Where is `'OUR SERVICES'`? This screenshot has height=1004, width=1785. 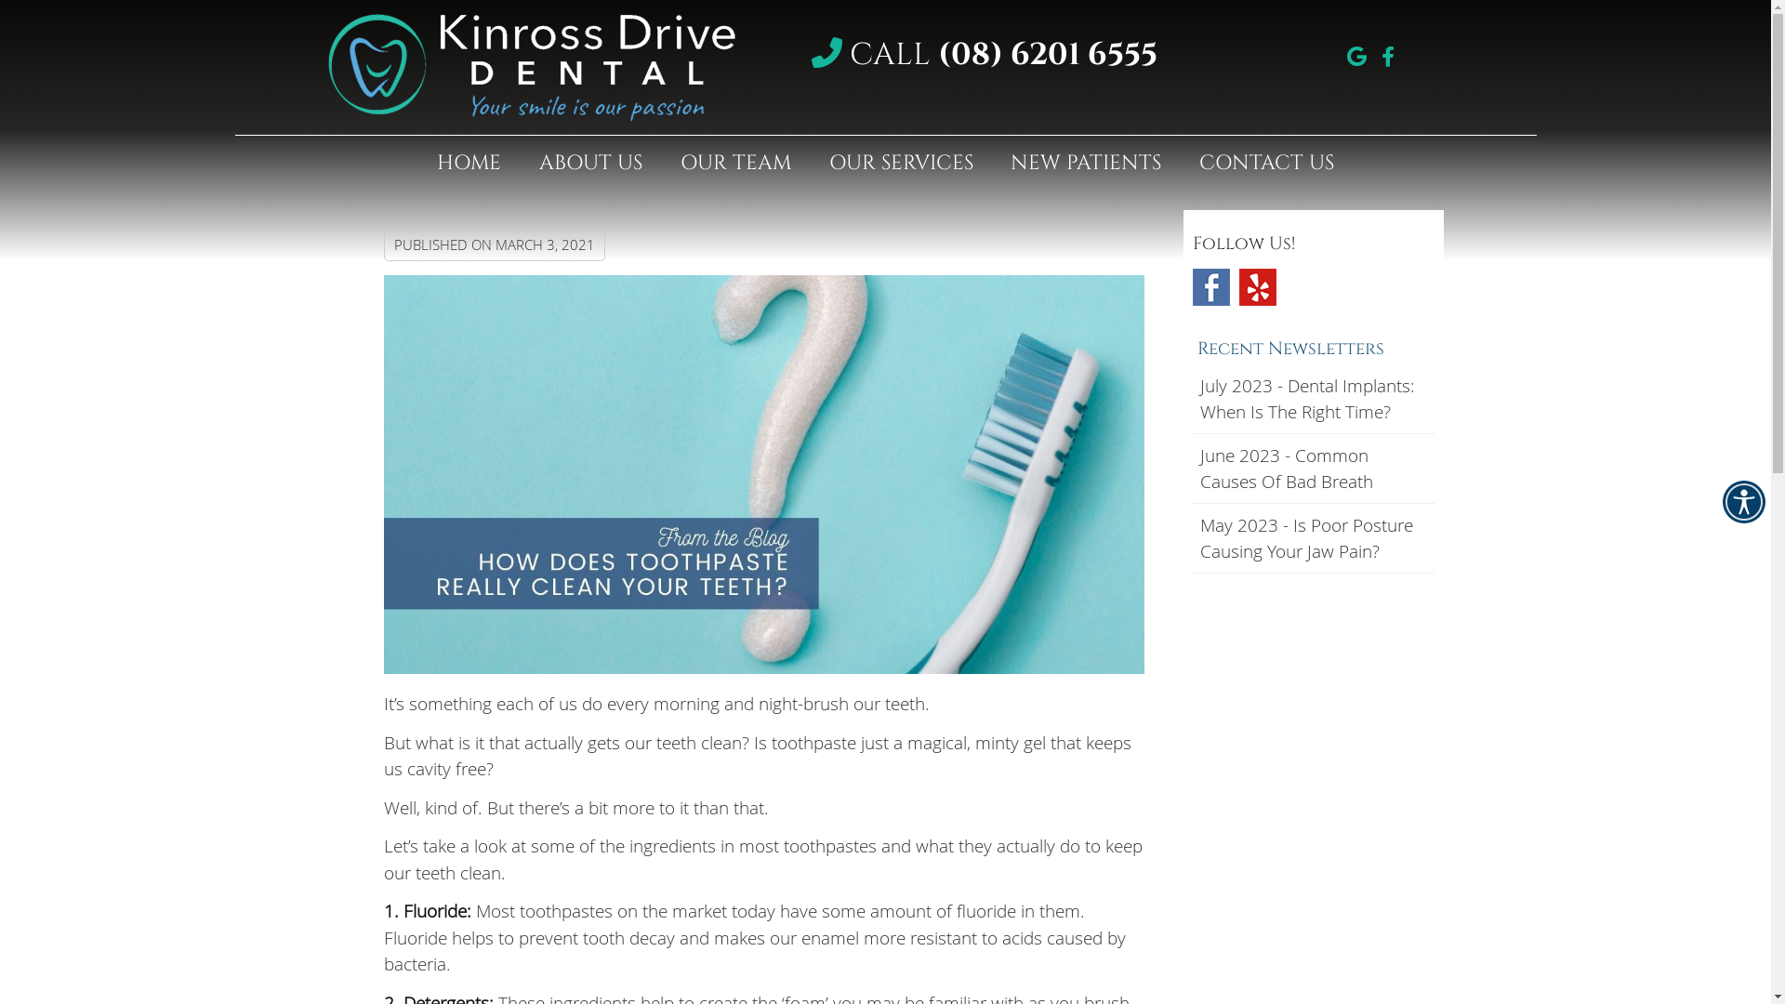 'OUR SERVICES' is located at coordinates (901, 163).